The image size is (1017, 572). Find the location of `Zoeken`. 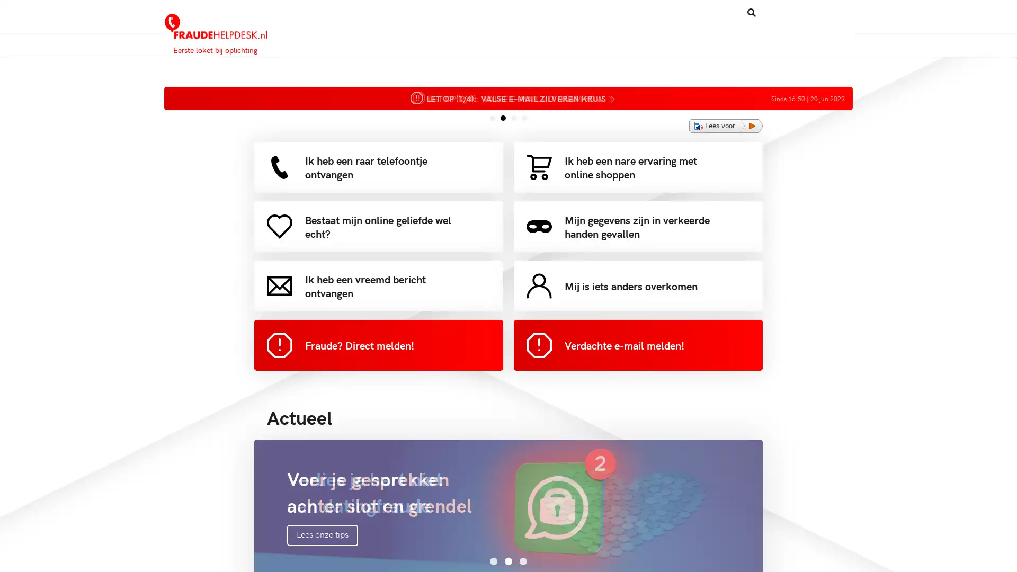

Zoeken is located at coordinates (709, 12).